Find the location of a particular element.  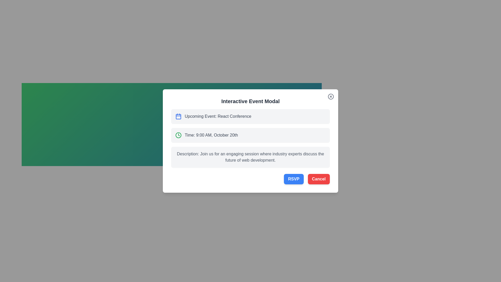

the circular close button icon located at the top-right corner of the modal interface is located at coordinates (330, 97).